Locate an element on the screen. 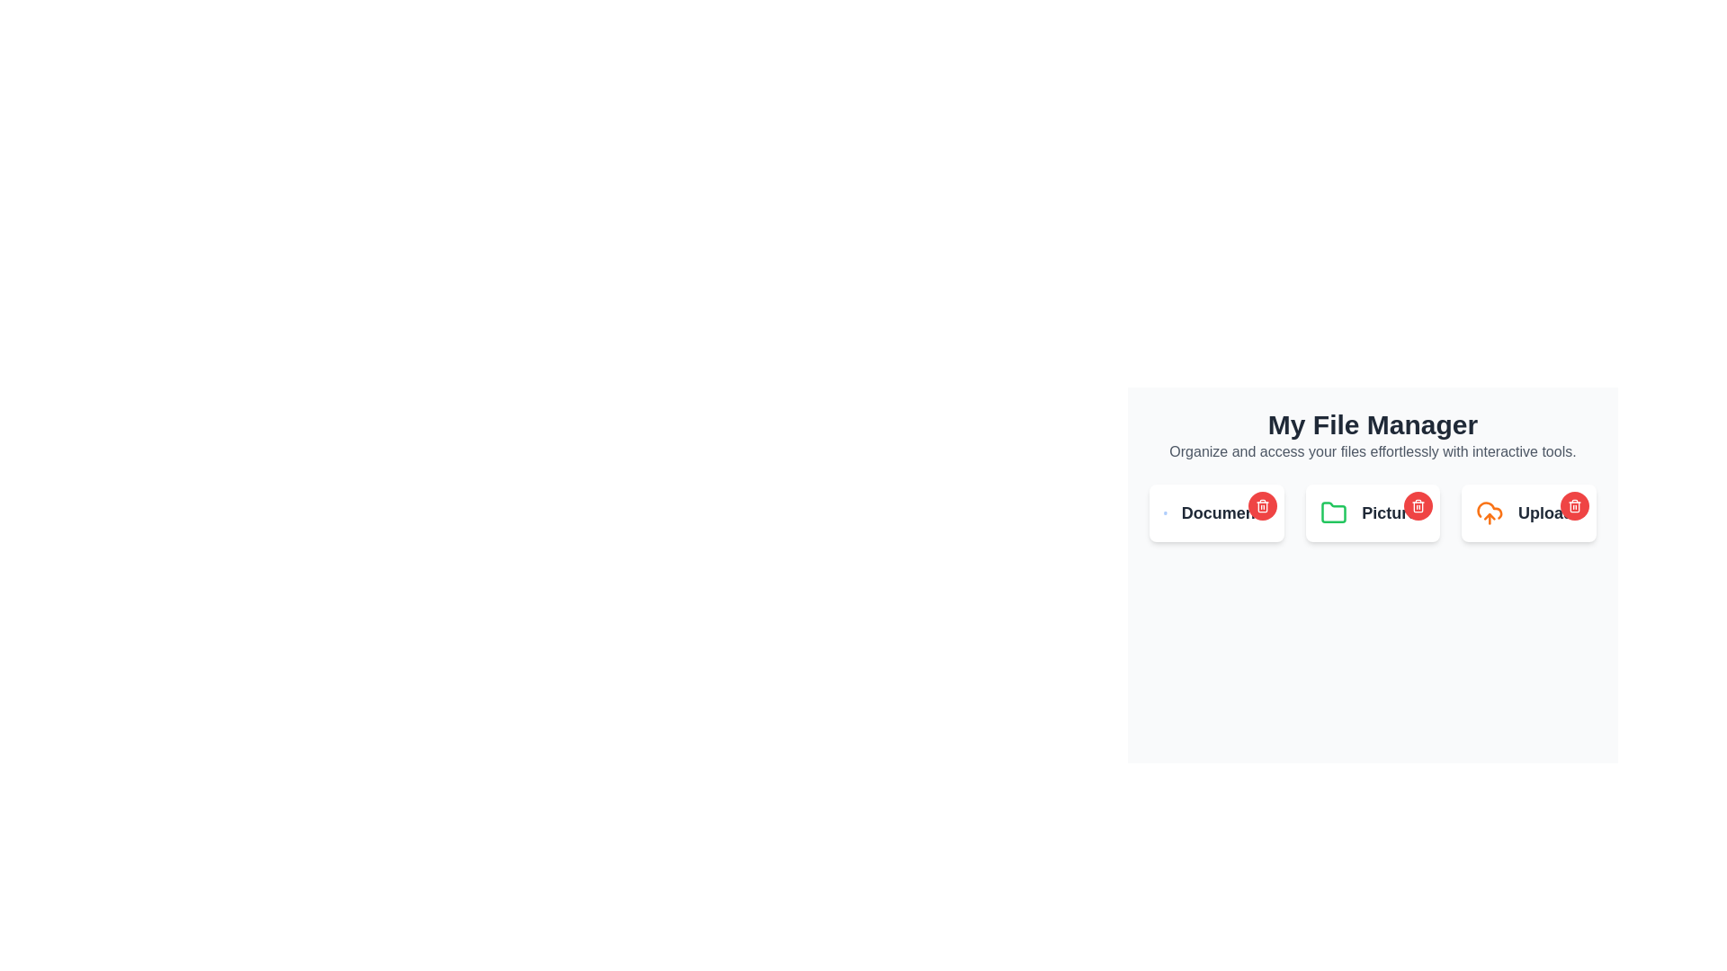 The height and width of the screenshot is (971, 1727). the blue file icon with a sleek design located within the 'Documents' group, positioned to the left of the text 'Documents' is located at coordinates (1165, 512).